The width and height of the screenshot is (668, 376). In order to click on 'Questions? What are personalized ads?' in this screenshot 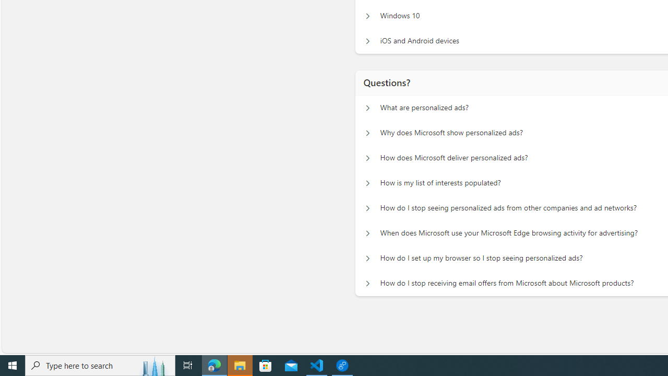, I will do `click(367, 108)`.